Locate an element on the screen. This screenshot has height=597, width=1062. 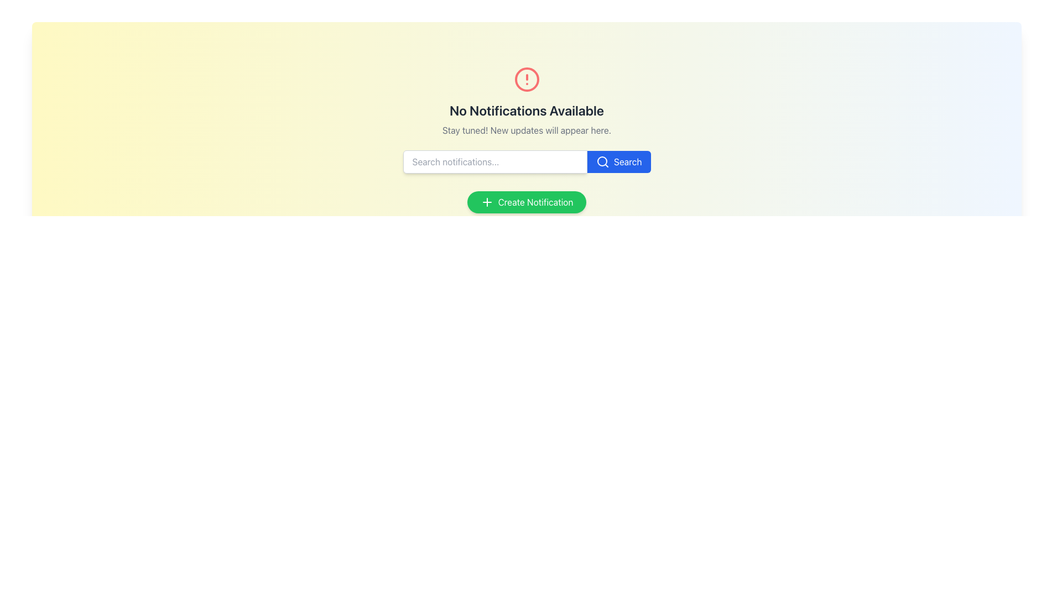
the search icon, which is styled as a search glass and located within the blue 'Search' button is located at coordinates (602, 162).